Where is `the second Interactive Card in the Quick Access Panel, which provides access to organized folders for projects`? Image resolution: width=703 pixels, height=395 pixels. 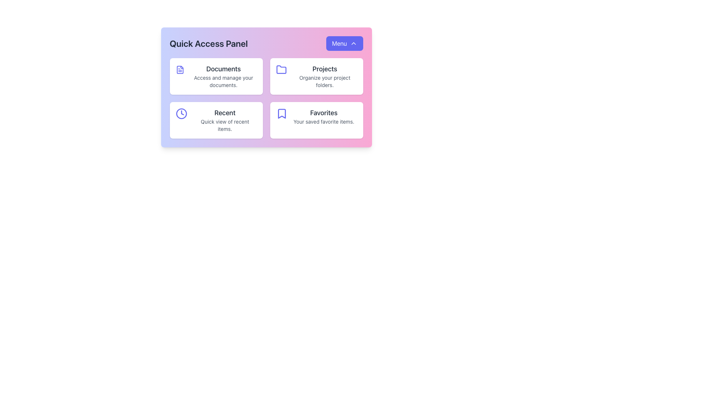 the second Interactive Card in the Quick Access Panel, which provides access to organized folders for projects is located at coordinates (316, 76).